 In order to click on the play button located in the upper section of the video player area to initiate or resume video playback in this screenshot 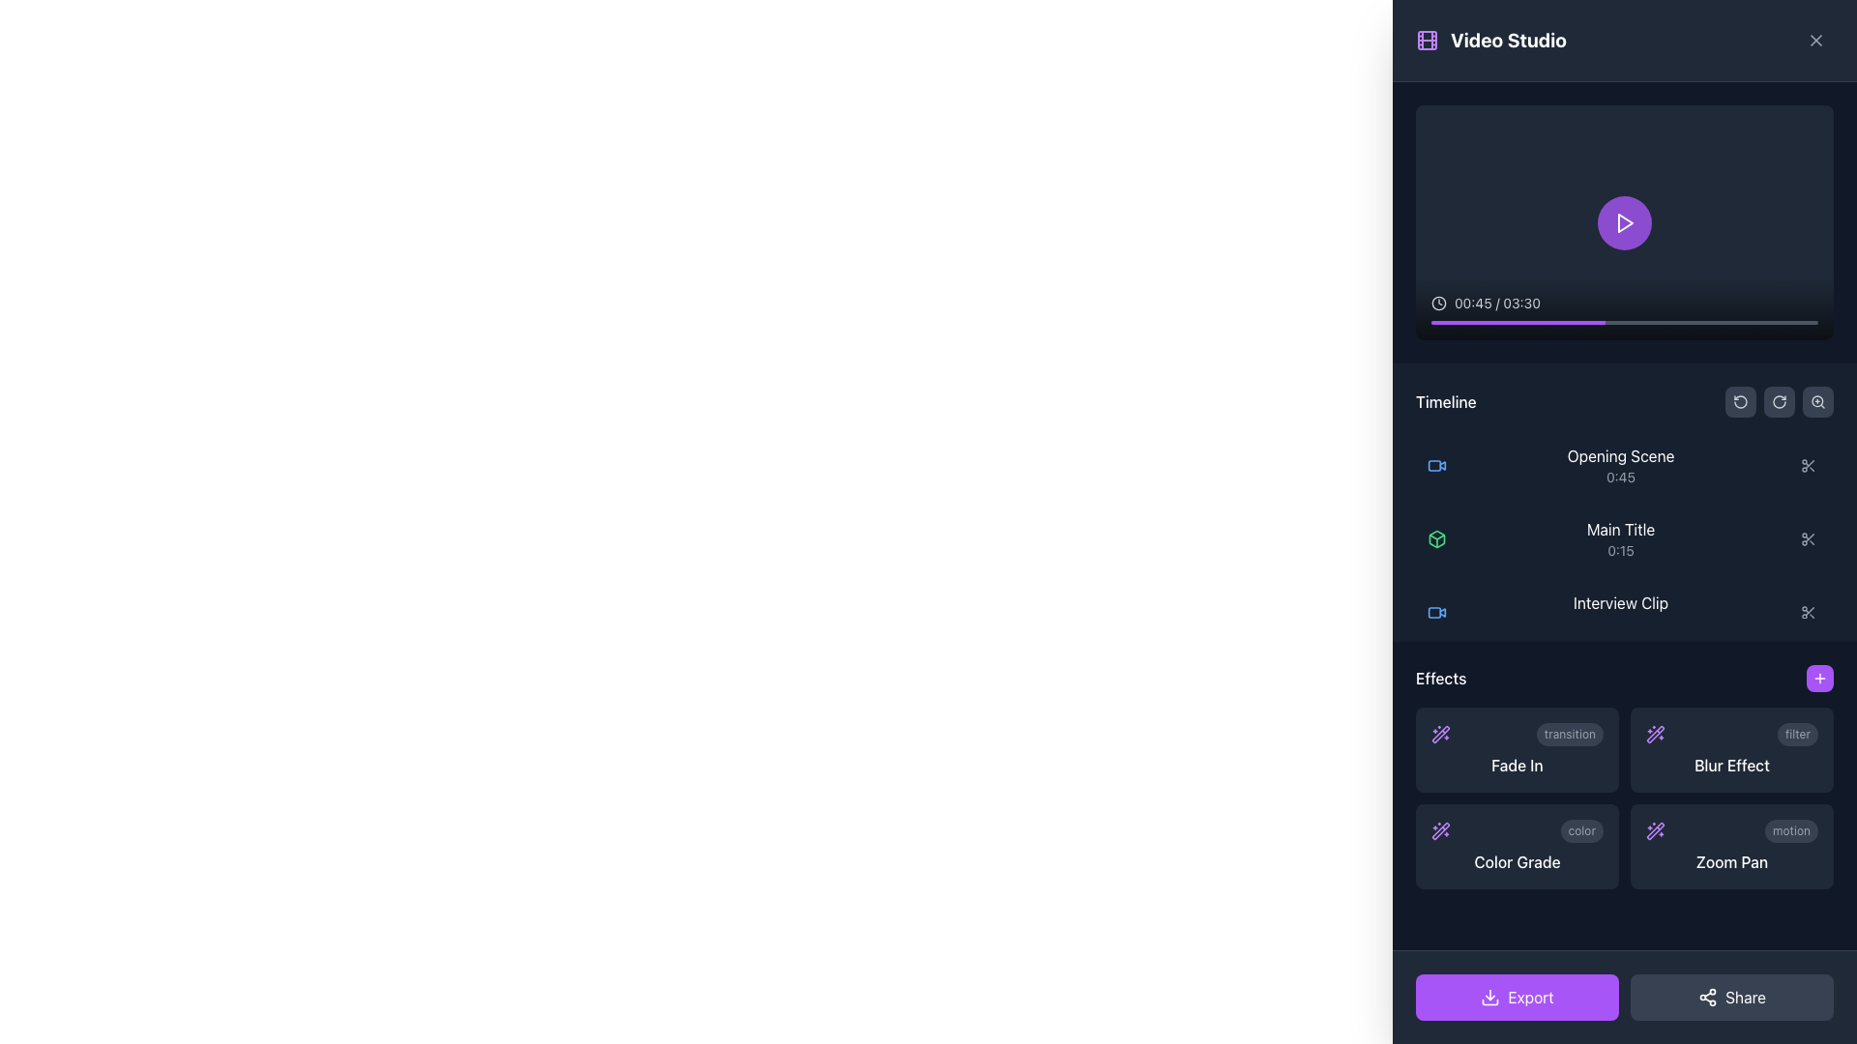, I will do `click(1625, 221)`.